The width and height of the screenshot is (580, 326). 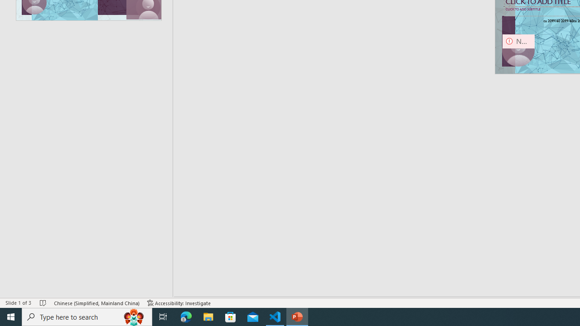 What do you see at coordinates (43, 303) in the screenshot?
I see `'Spell Check No Errors'` at bounding box center [43, 303].